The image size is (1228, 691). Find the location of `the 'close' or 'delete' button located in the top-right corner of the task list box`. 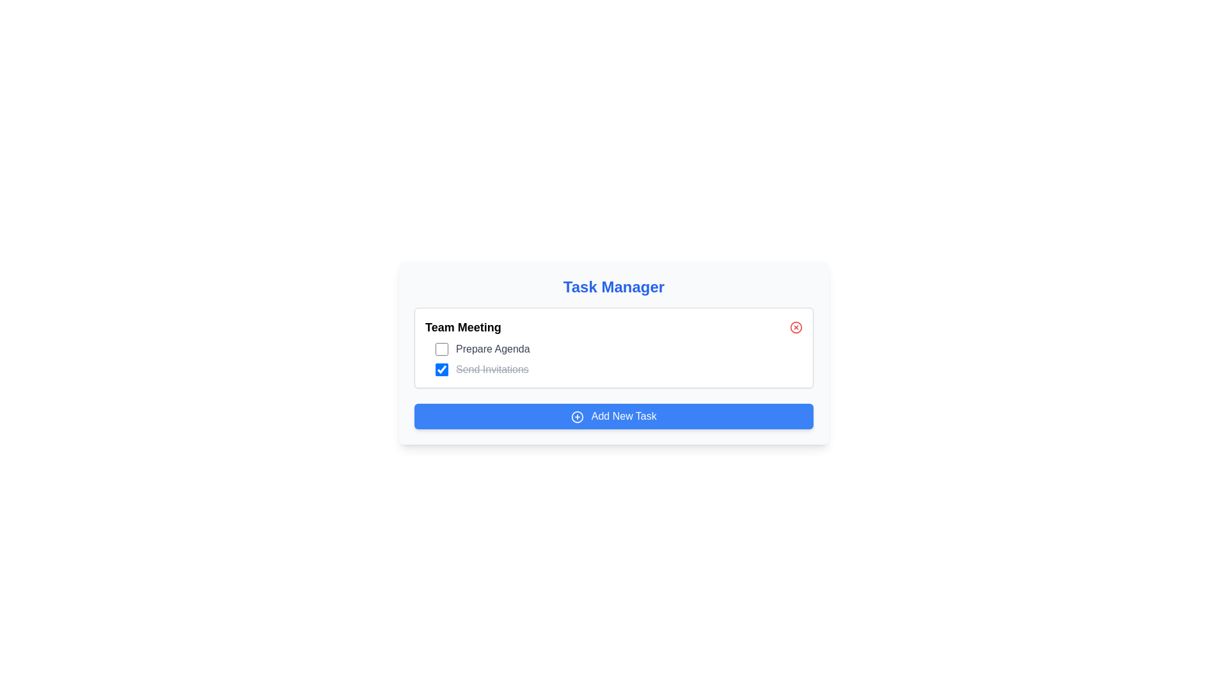

the 'close' or 'delete' button located in the top-right corner of the task list box is located at coordinates (795, 327).